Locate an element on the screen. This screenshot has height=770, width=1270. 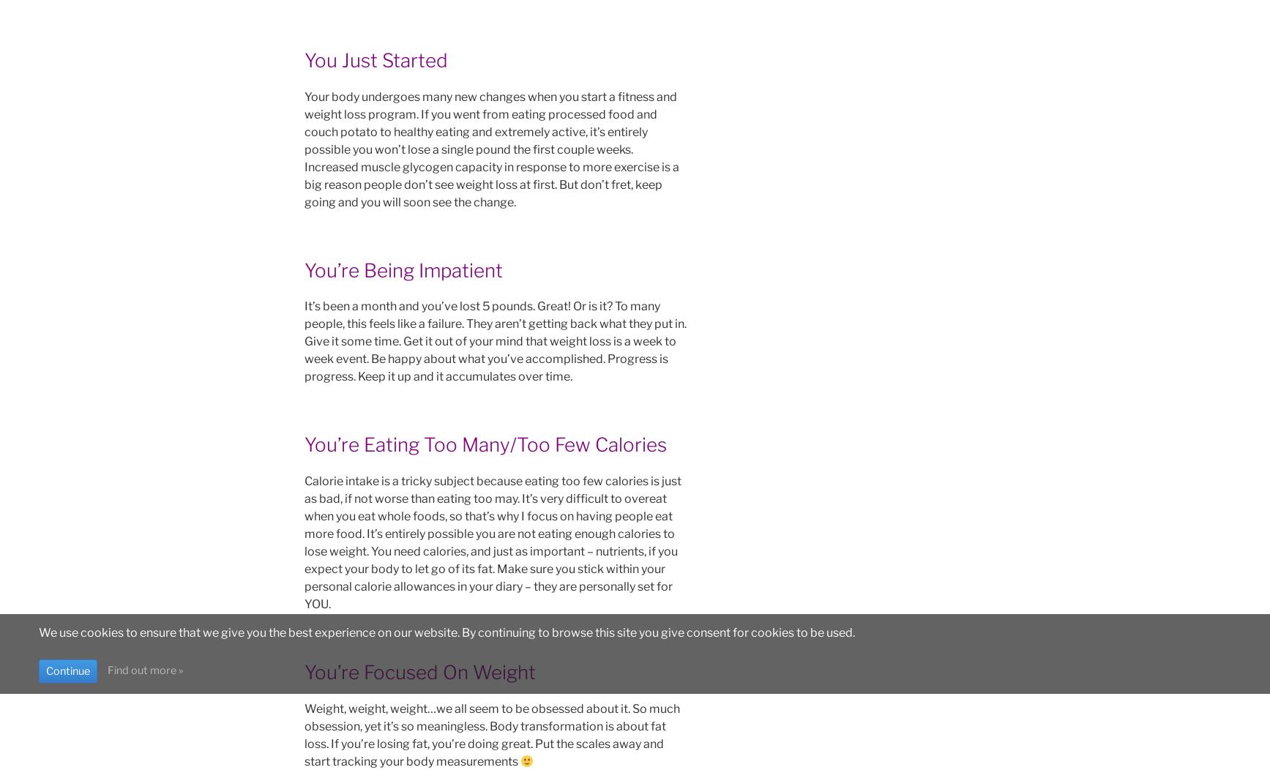
'Your body undergoes many new changes when you start a fitness and weight loss program. If you went from eating processed food and couch potato to healthy eating and extremely active, it’s entirely possible you won’t lose a single pound the first couple weeks. Increased muscle glycogen capacity in response to more exercise is a big reason people don’t see weight loss at first. But don’t fret, keep going and you will soon see the change.' is located at coordinates (490, 149).